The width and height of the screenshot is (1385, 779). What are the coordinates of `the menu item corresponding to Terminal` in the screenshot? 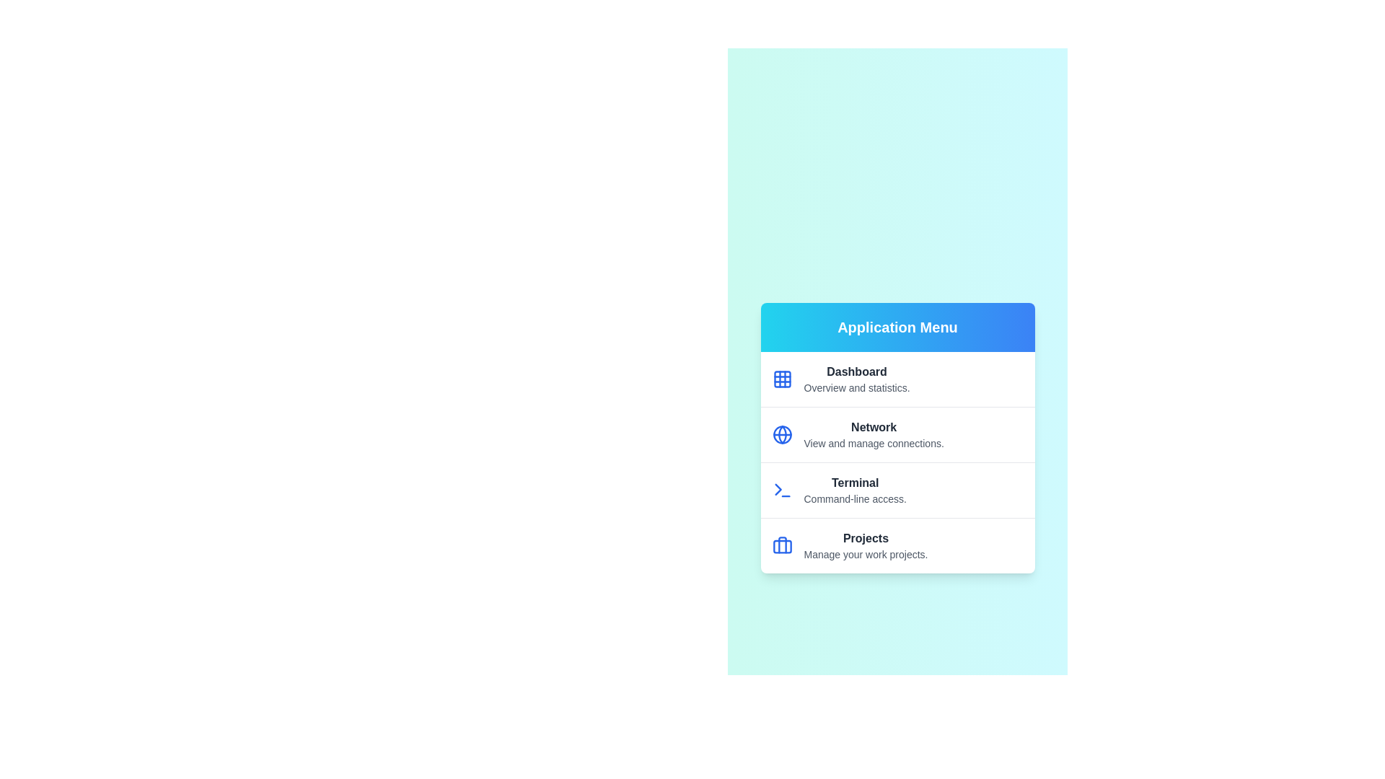 It's located at (897, 488).